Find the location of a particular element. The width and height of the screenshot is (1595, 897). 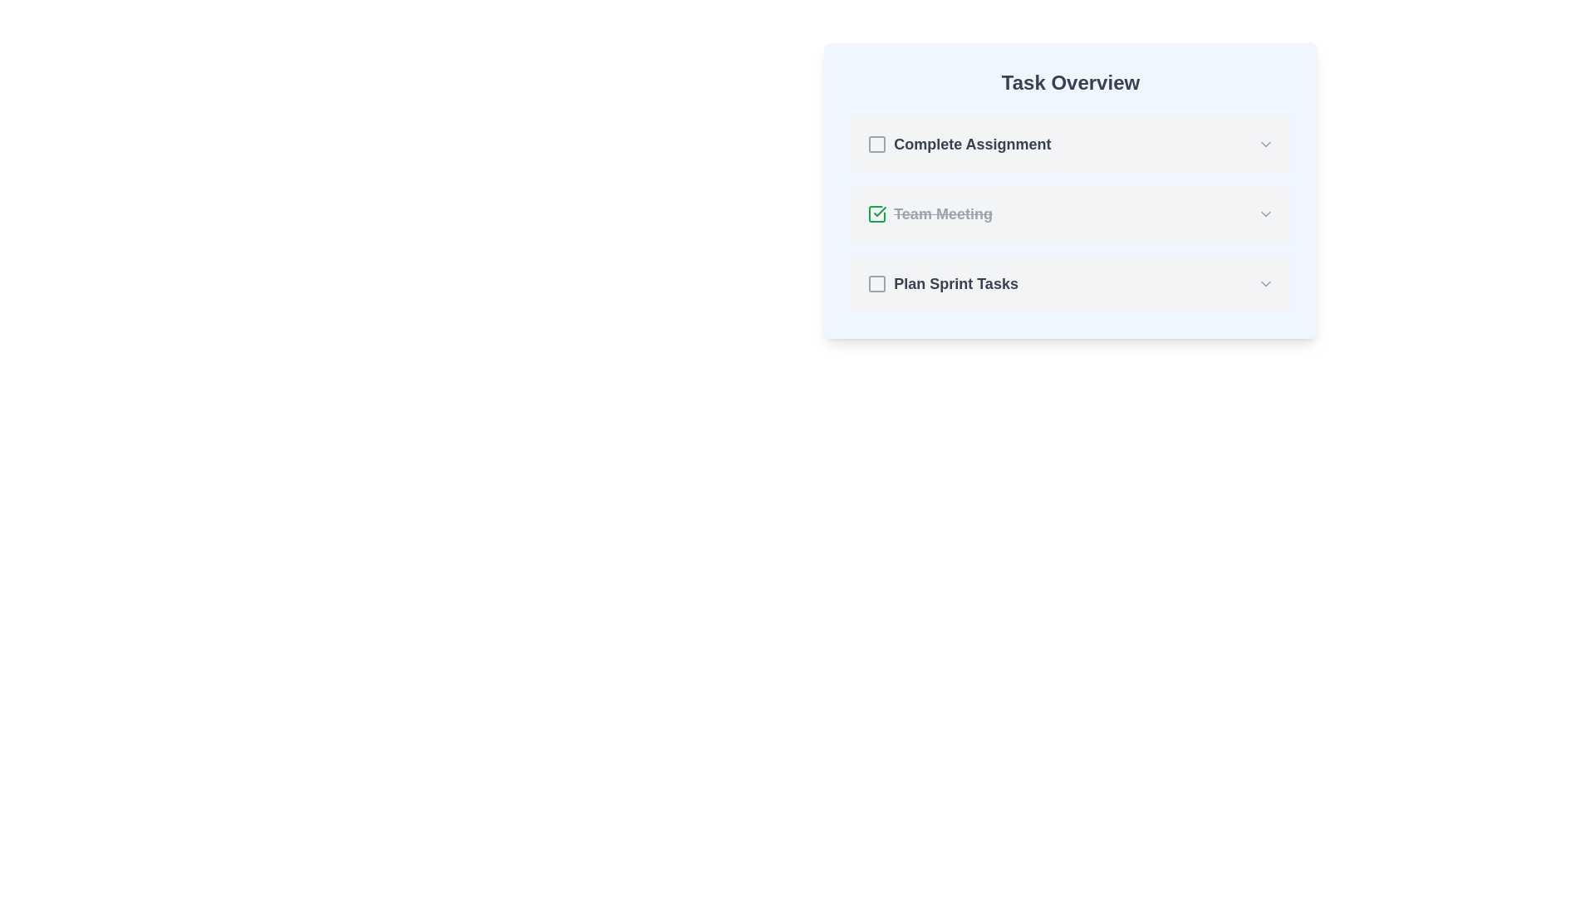

the Checkbox icon indicating a completed task for the 'Team Meeting' in the vertical task list labeled 'Task Overview' is located at coordinates (876, 213).